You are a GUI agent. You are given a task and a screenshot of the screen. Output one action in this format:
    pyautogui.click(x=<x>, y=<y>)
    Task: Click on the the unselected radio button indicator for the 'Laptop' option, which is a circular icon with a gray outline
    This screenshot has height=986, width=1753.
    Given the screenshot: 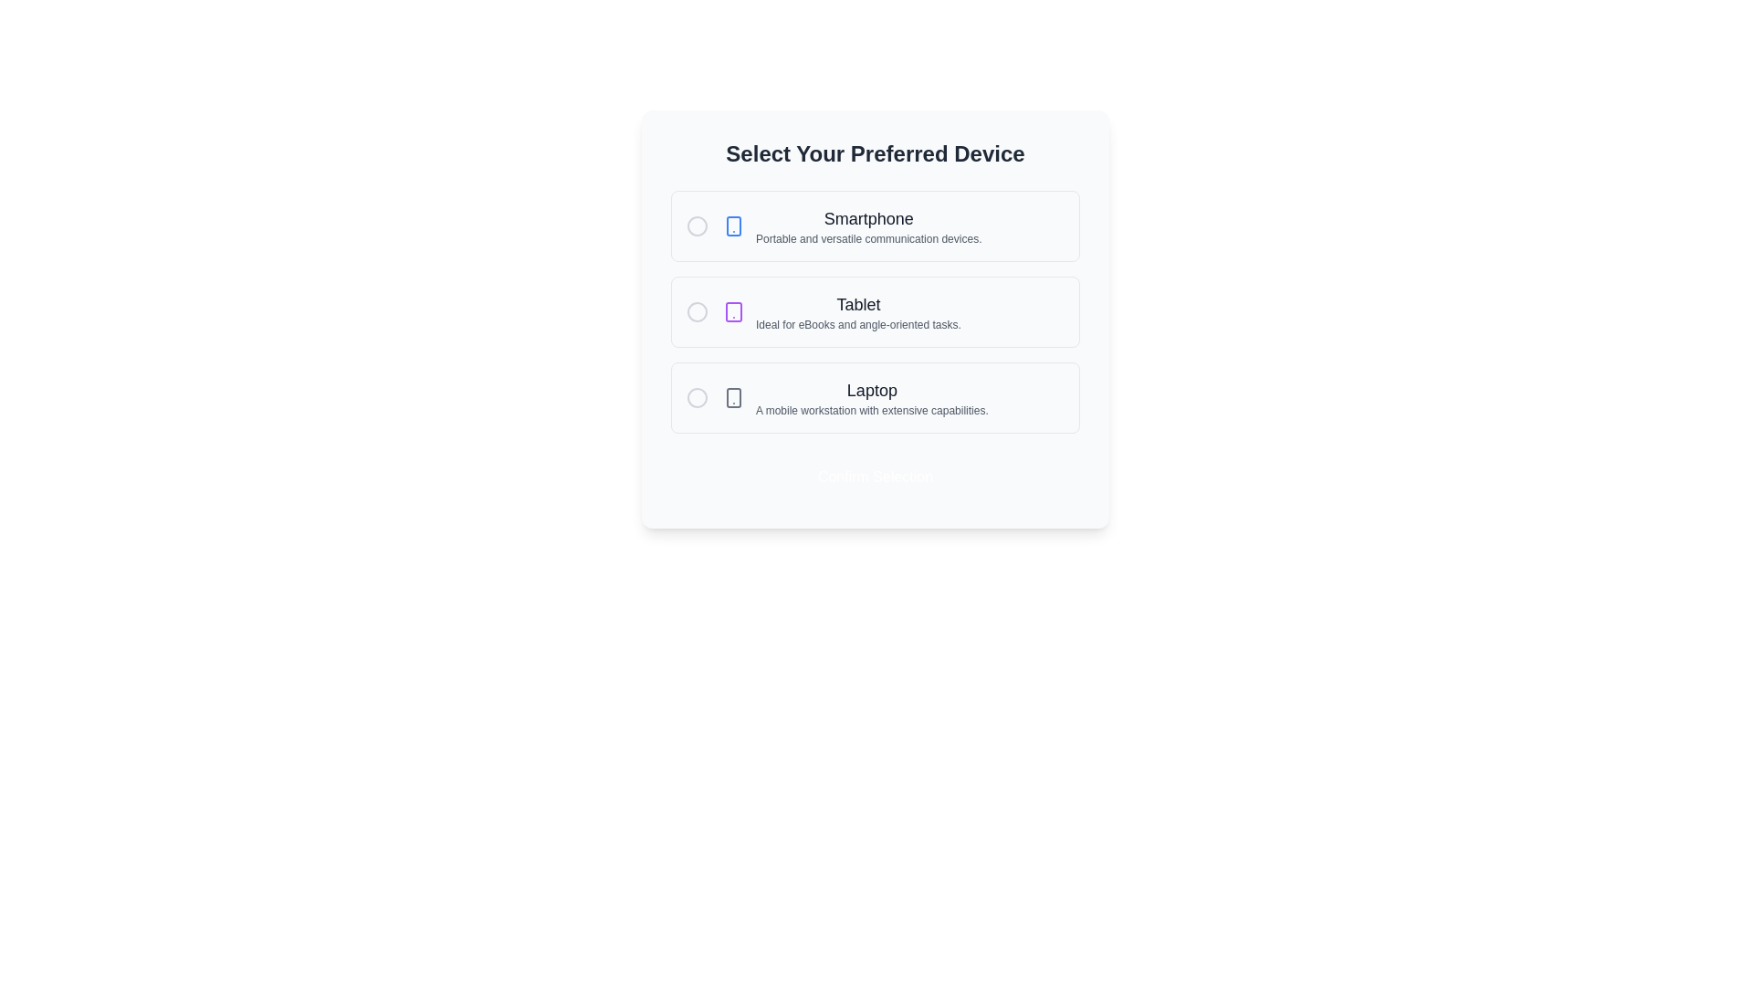 What is the action you would take?
    pyautogui.click(x=696, y=396)
    